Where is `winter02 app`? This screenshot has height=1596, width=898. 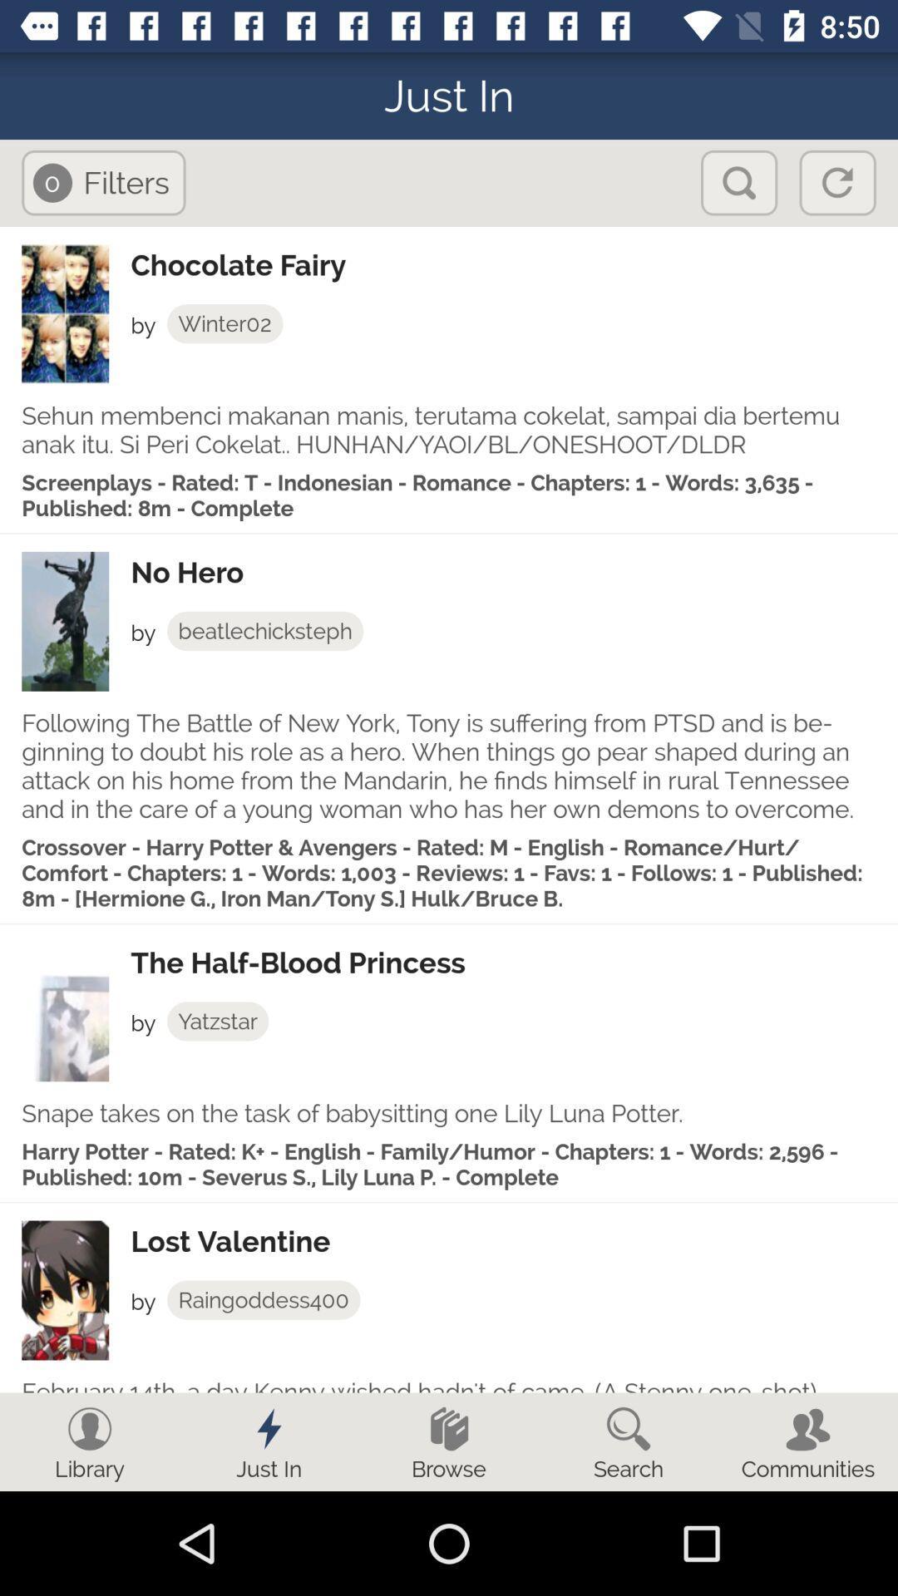
winter02 app is located at coordinates (224, 323).